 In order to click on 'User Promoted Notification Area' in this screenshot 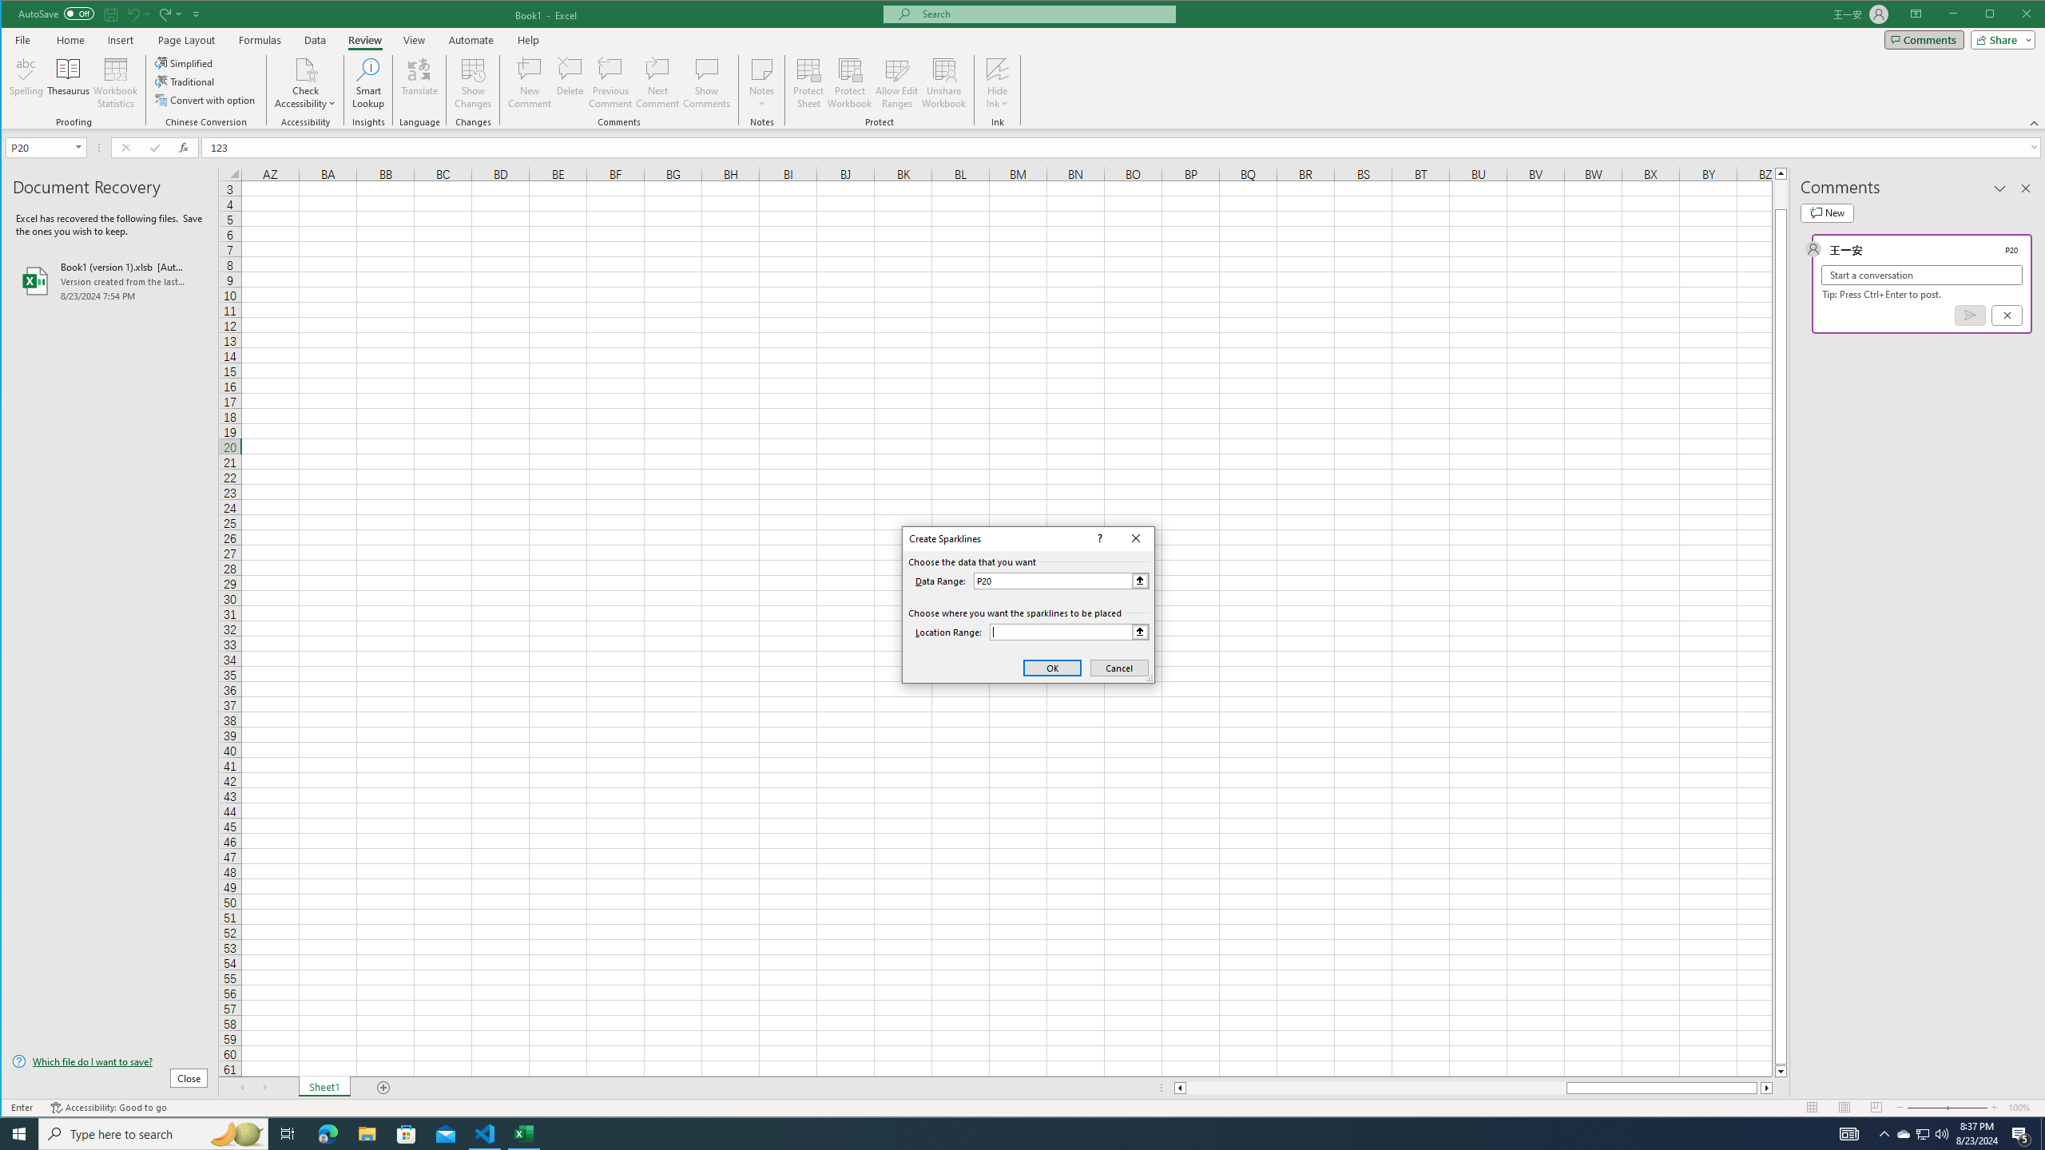, I will do `click(1921, 1132)`.